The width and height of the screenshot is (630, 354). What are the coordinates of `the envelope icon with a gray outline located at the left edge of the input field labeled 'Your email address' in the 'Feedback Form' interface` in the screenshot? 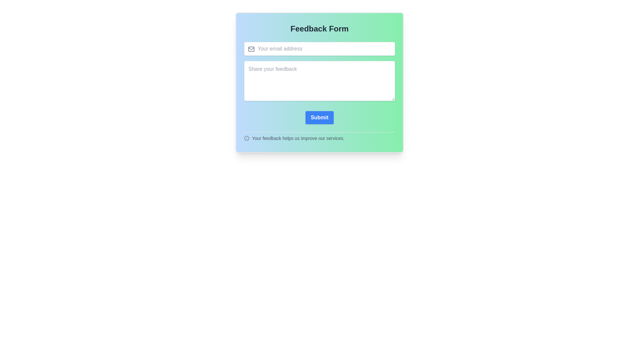 It's located at (251, 49).